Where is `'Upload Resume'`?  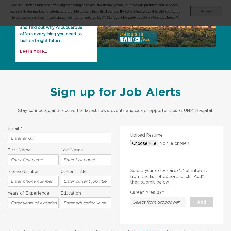 'Upload Resume' is located at coordinates (146, 134).